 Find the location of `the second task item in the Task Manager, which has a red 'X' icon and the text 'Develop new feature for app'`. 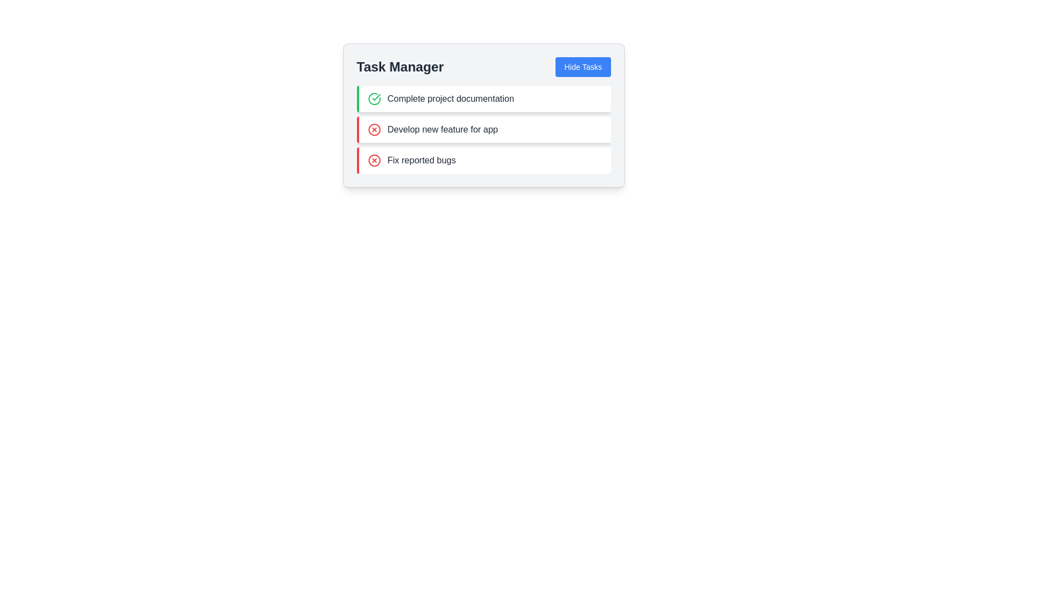

the second task item in the Task Manager, which has a red 'X' icon and the text 'Develop new feature for app' is located at coordinates (483, 129).